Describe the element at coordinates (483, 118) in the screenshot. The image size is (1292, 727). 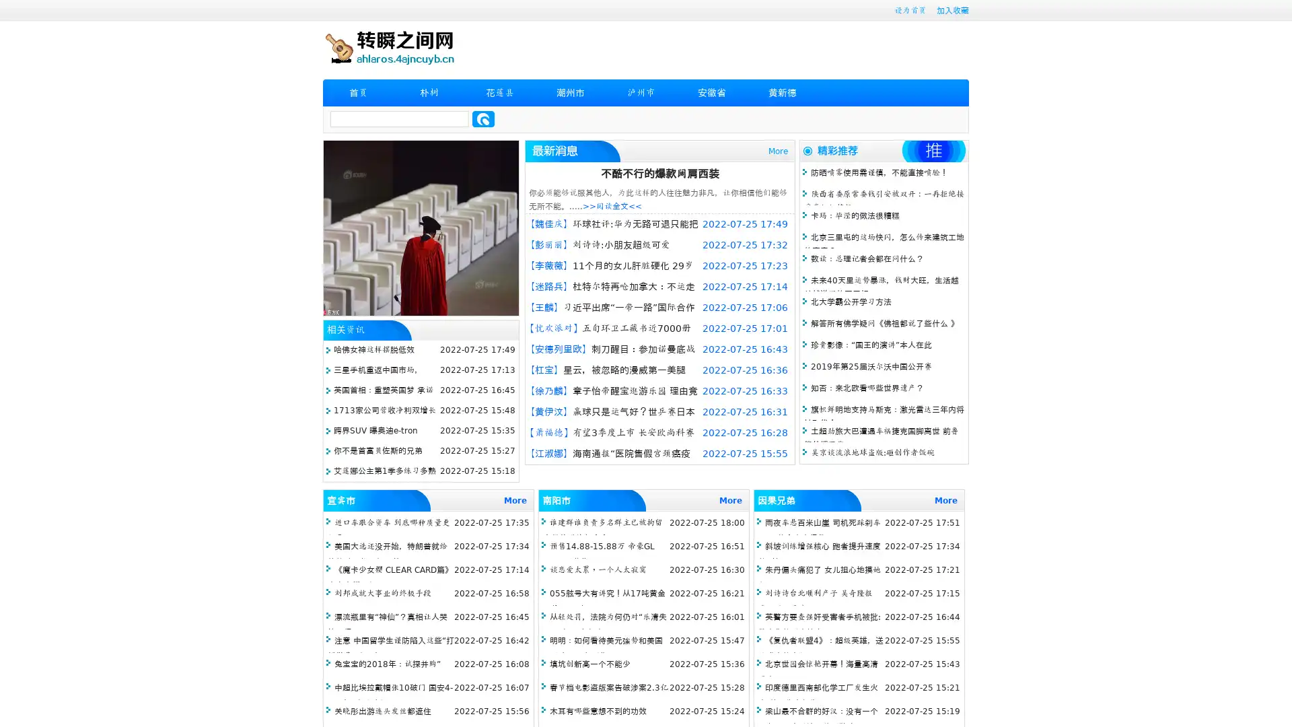
I see `Search` at that location.